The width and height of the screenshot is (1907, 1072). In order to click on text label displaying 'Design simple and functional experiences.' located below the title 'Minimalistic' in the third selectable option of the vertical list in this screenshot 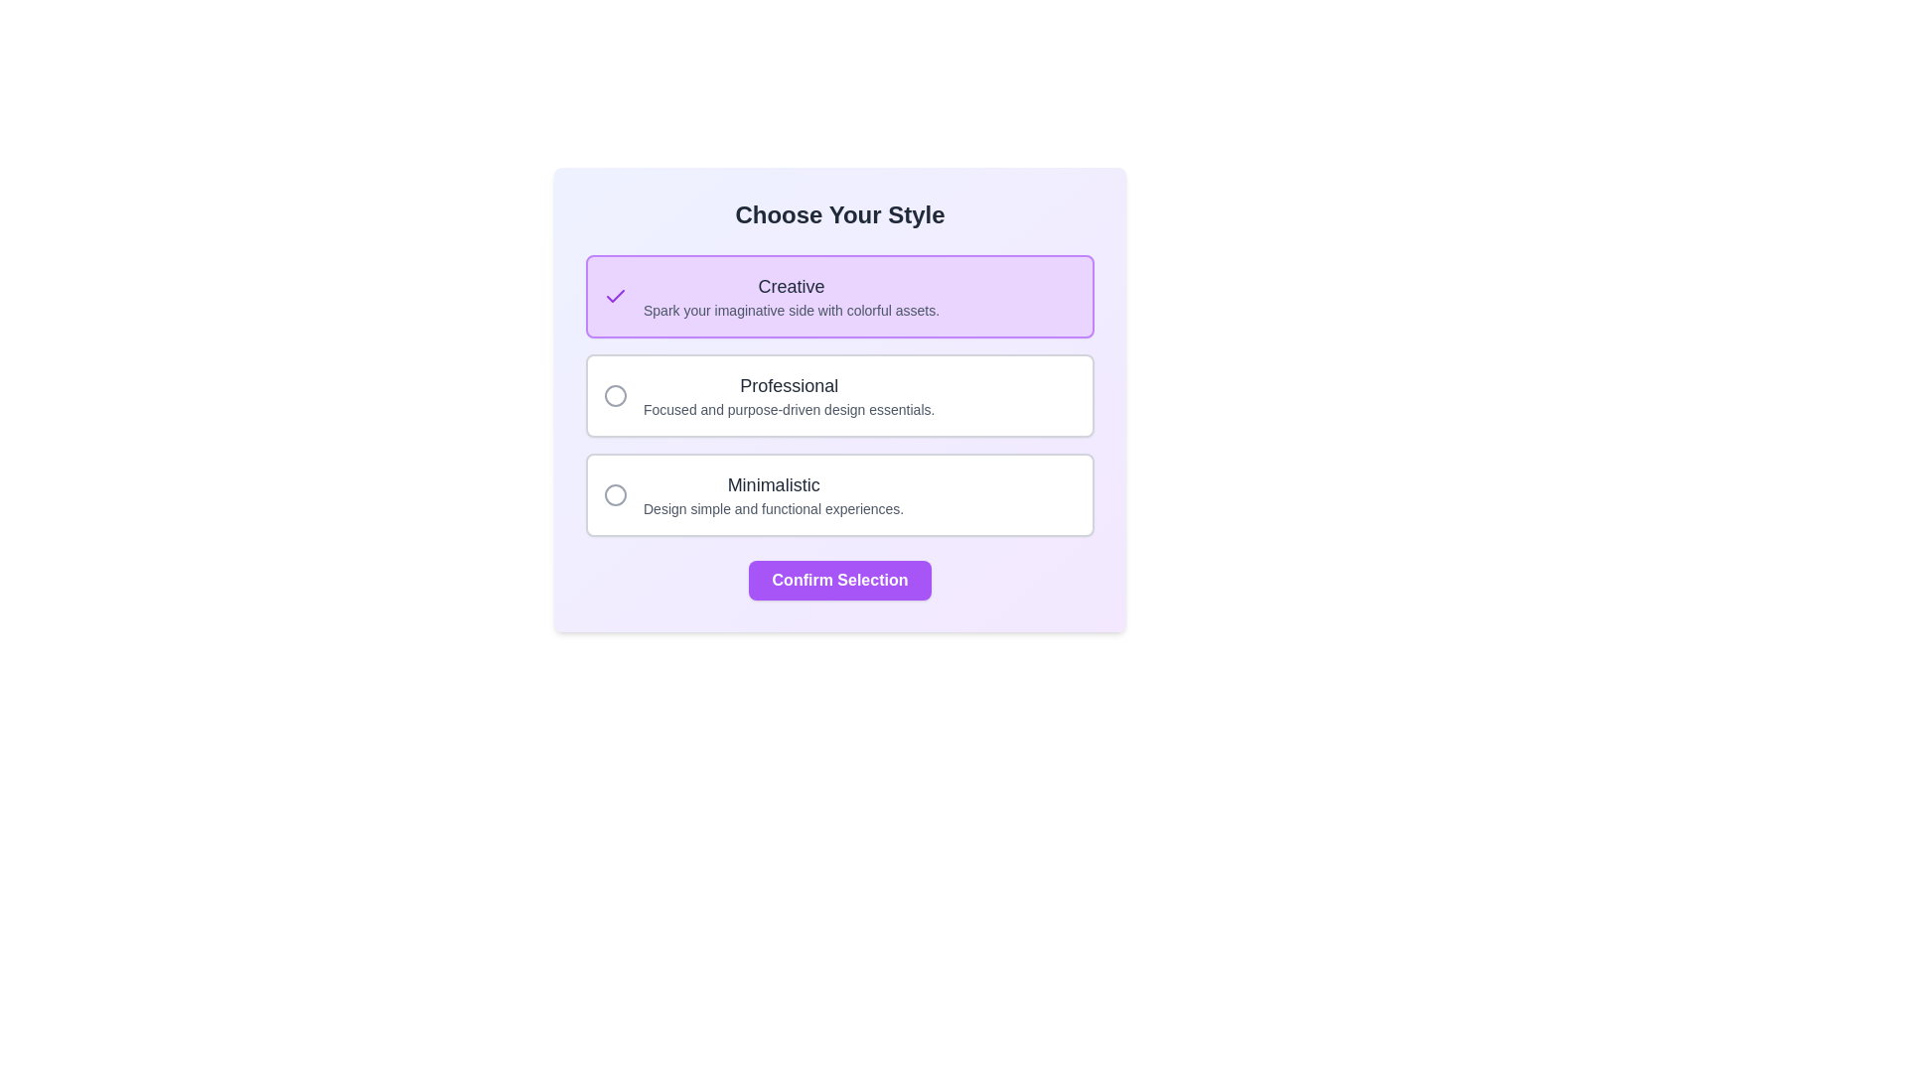, I will do `click(773, 508)`.